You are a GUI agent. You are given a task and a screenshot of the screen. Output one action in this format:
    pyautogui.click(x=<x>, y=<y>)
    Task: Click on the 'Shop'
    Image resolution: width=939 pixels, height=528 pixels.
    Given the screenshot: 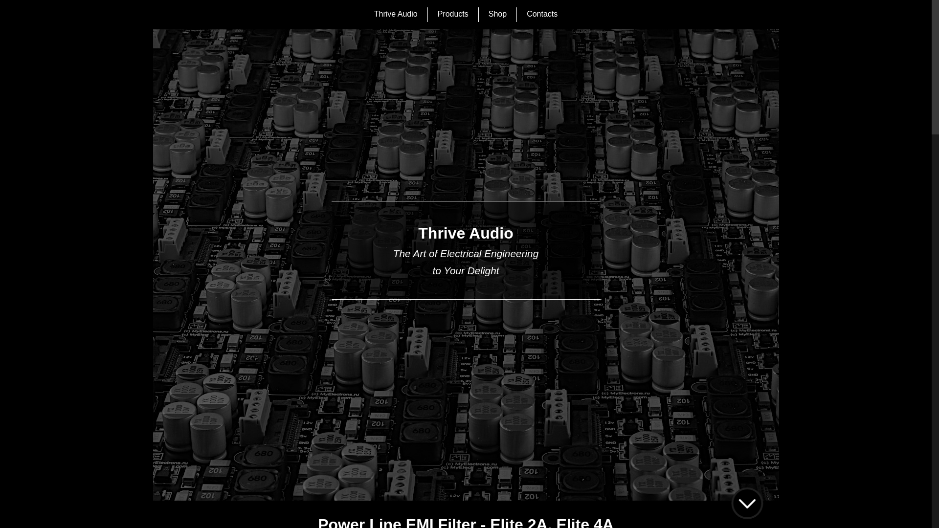 What is the action you would take?
    pyautogui.click(x=497, y=15)
    